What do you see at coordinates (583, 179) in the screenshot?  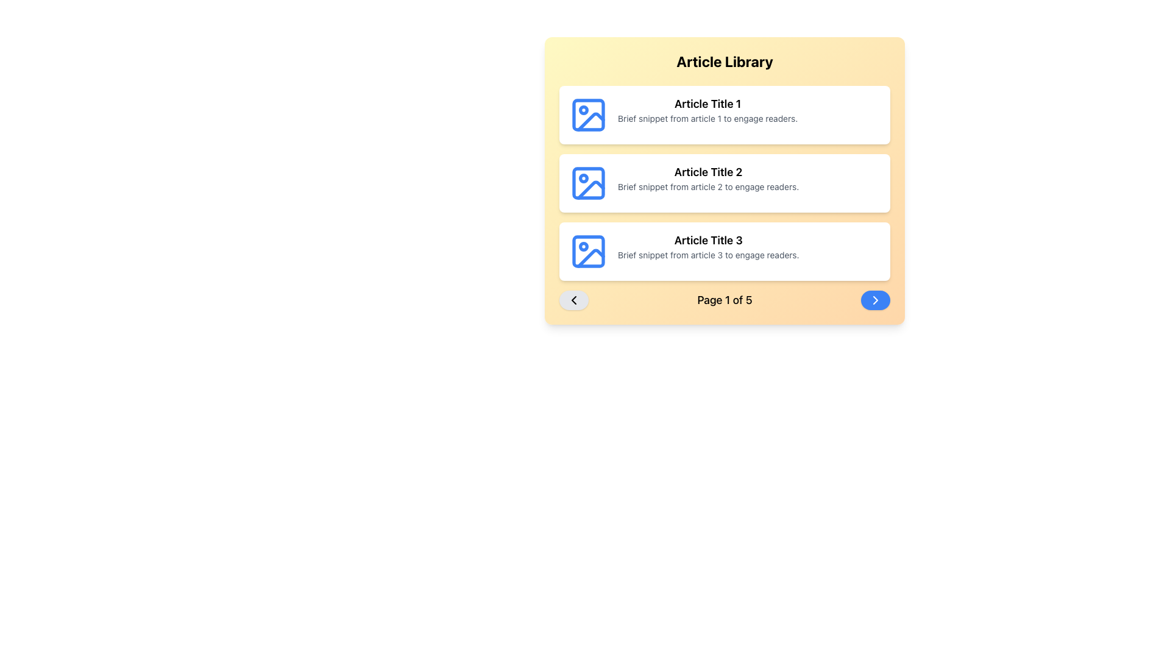 I see `the SVG circle element that serves as a marker or status indicator within the second icon representing an image shape in the card layout of article previews` at bounding box center [583, 179].